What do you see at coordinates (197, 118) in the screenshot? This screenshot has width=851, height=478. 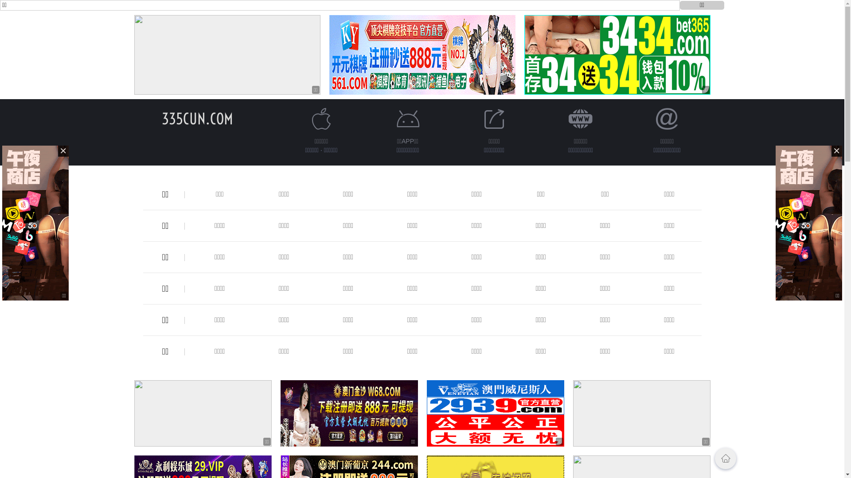 I see `'335CUN.COM'` at bounding box center [197, 118].